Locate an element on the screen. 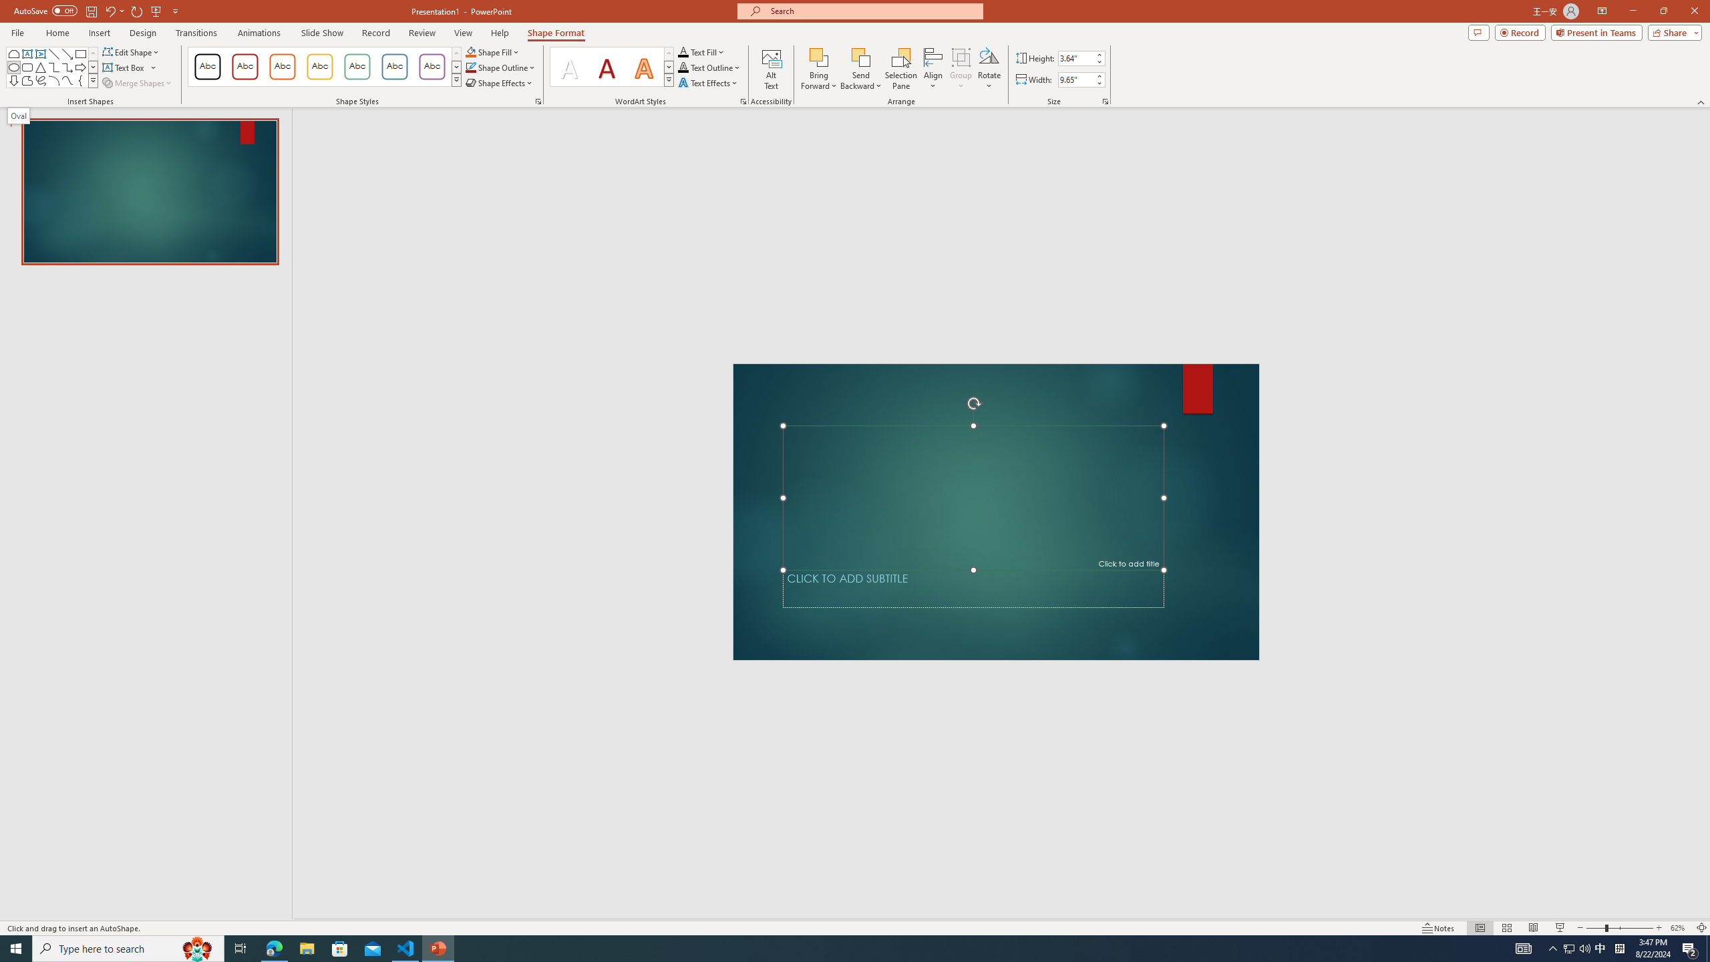 The height and width of the screenshot is (962, 1710). 'Colored Outline - Purple, Accent 6' is located at coordinates (432, 66).